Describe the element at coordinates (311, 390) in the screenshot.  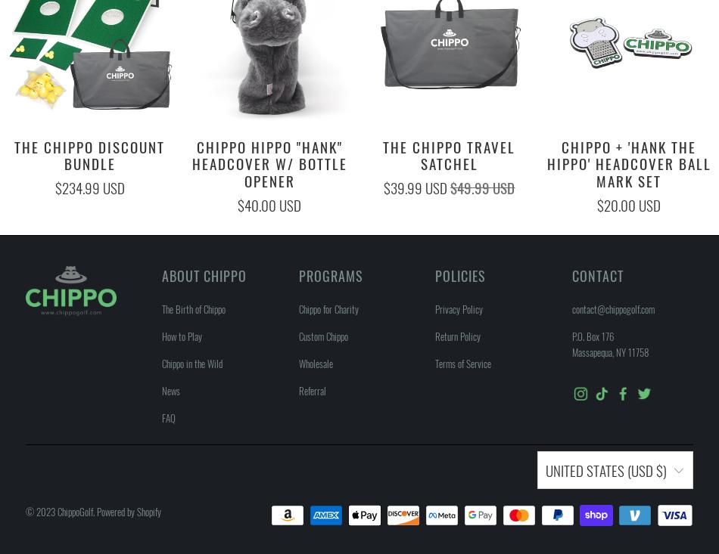
I see `'Referral'` at that location.